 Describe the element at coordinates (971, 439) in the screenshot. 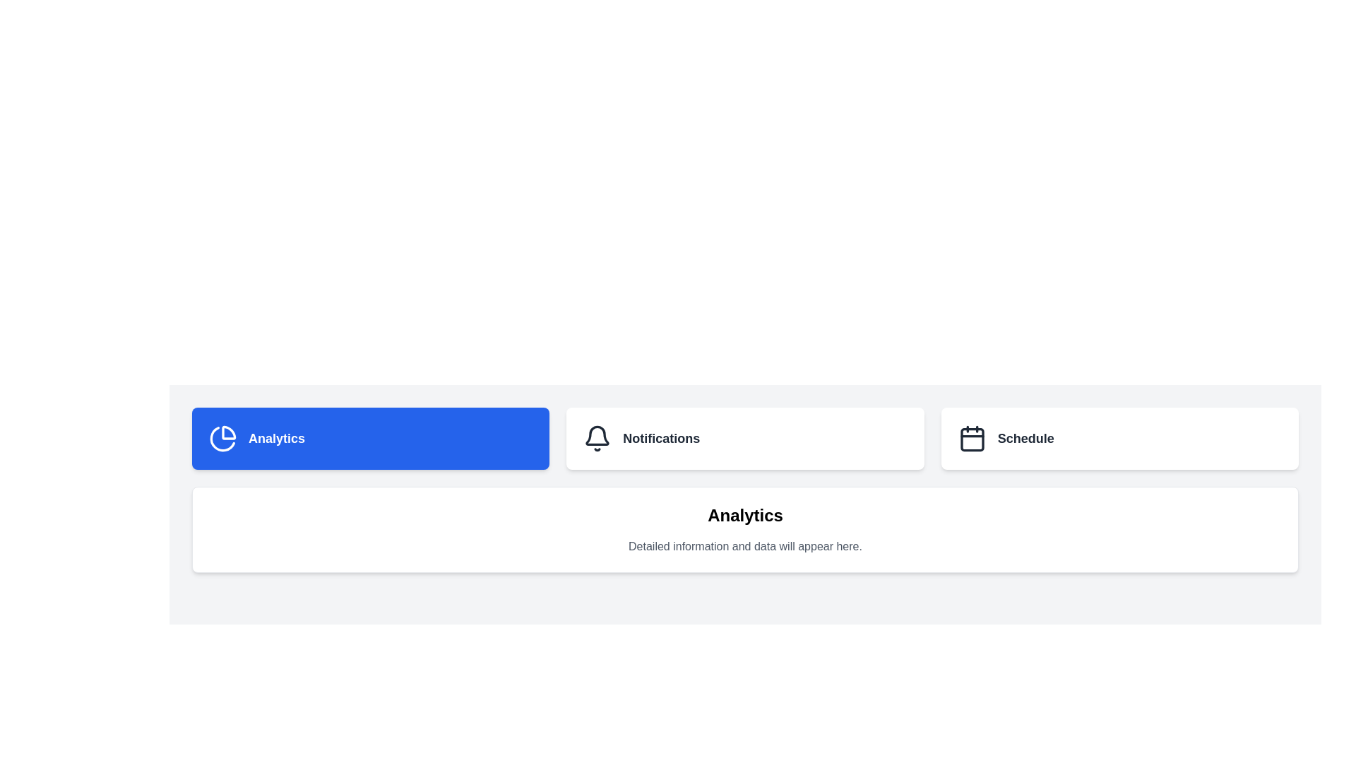

I see `the rectangular component of the calendar icon, which is characterized by its minimalistic design and is located near the 'Schedule' label` at that location.